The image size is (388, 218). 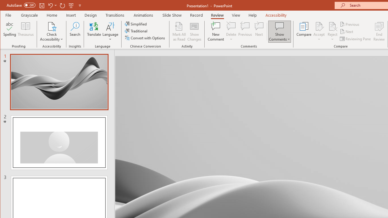 What do you see at coordinates (29, 15) in the screenshot?
I see `'Grayscale'` at bounding box center [29, 15].